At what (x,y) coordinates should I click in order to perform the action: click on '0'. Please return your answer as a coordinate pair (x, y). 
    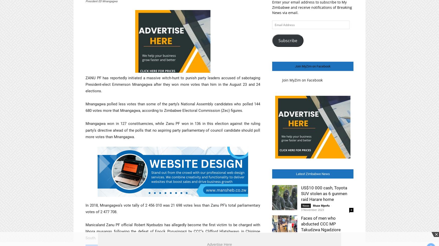
    Looking at the image, I should click on (350, 210).